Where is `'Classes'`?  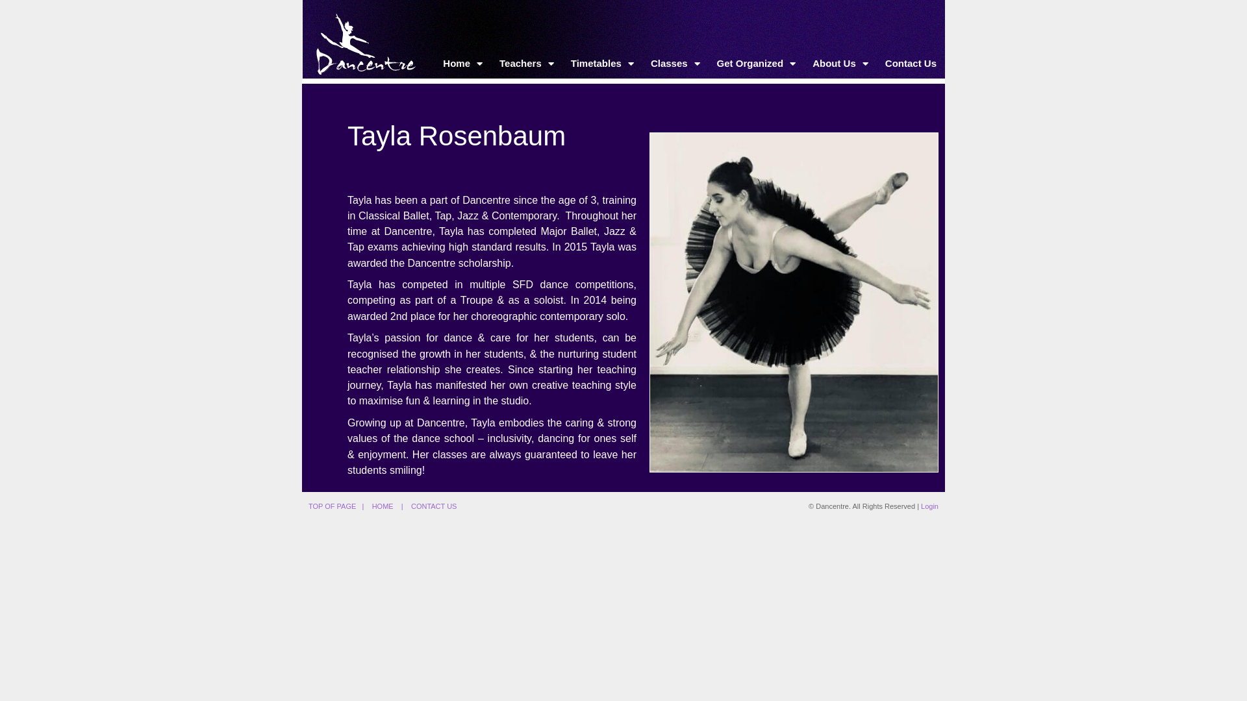 'Classes' is located at coordinates (675, 63).